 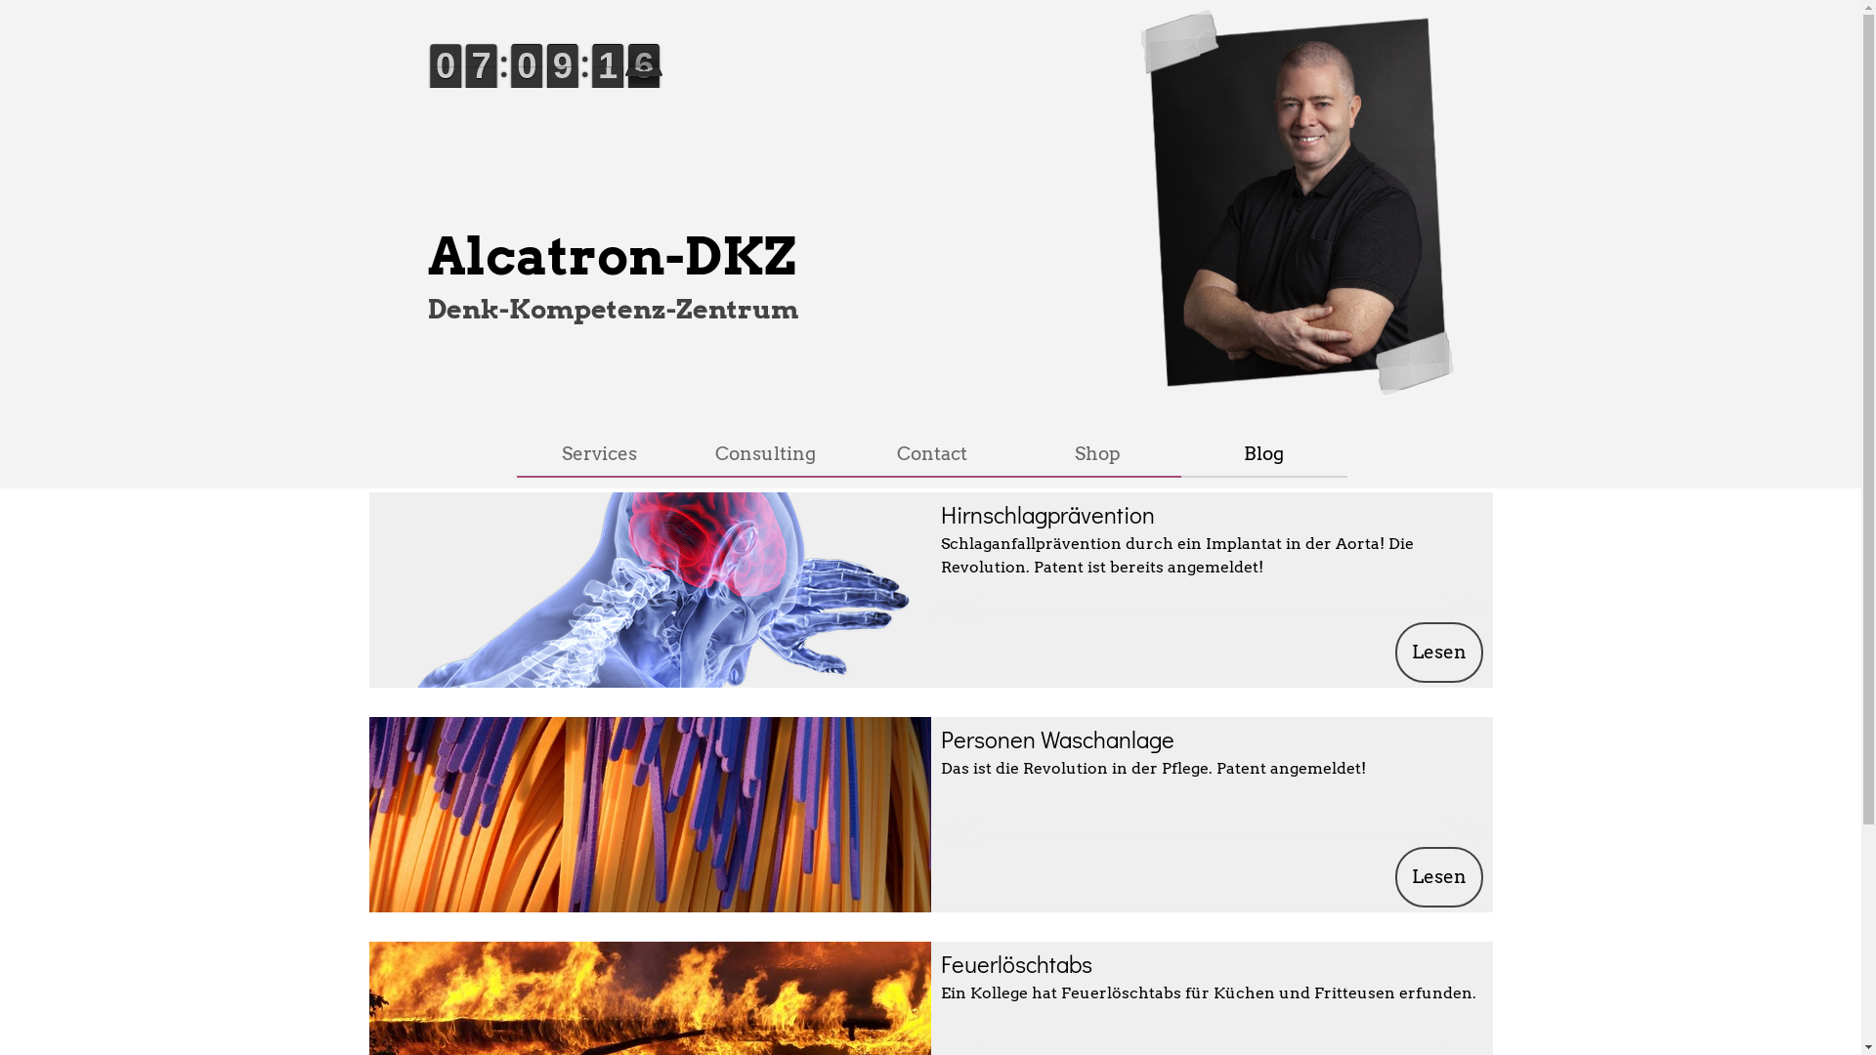 What do you see at coordinates (576, 89) in the screenshot?
I see `'8'` at bounding box center [576, 89].